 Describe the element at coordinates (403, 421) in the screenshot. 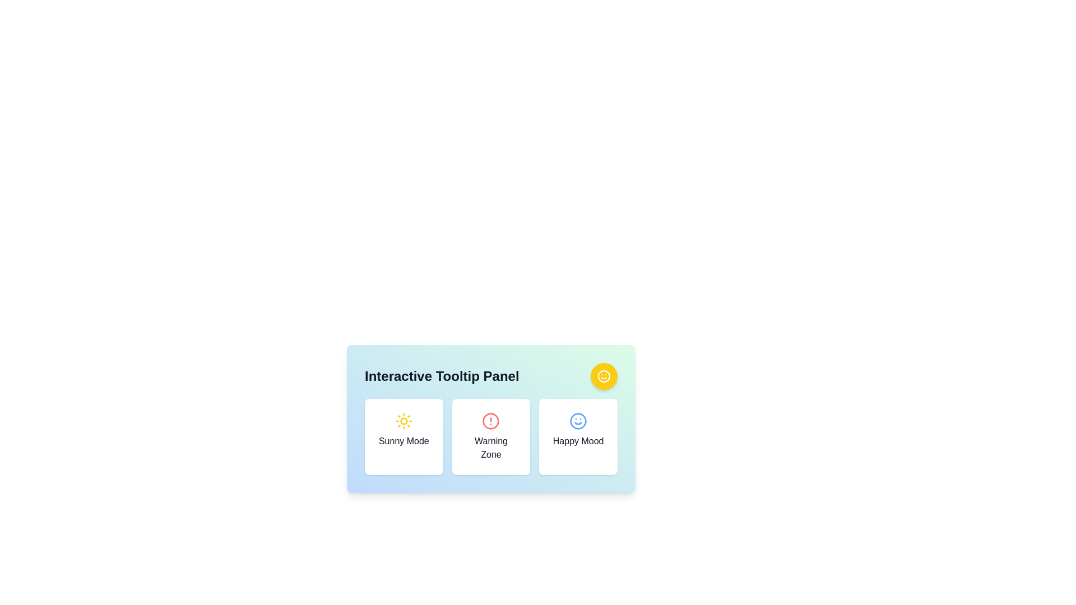

I see `the 'Sunny Mode' circle element, which is part of the solar icon in the left panel of the 'Interactive Tooltip Panel'` at that location.